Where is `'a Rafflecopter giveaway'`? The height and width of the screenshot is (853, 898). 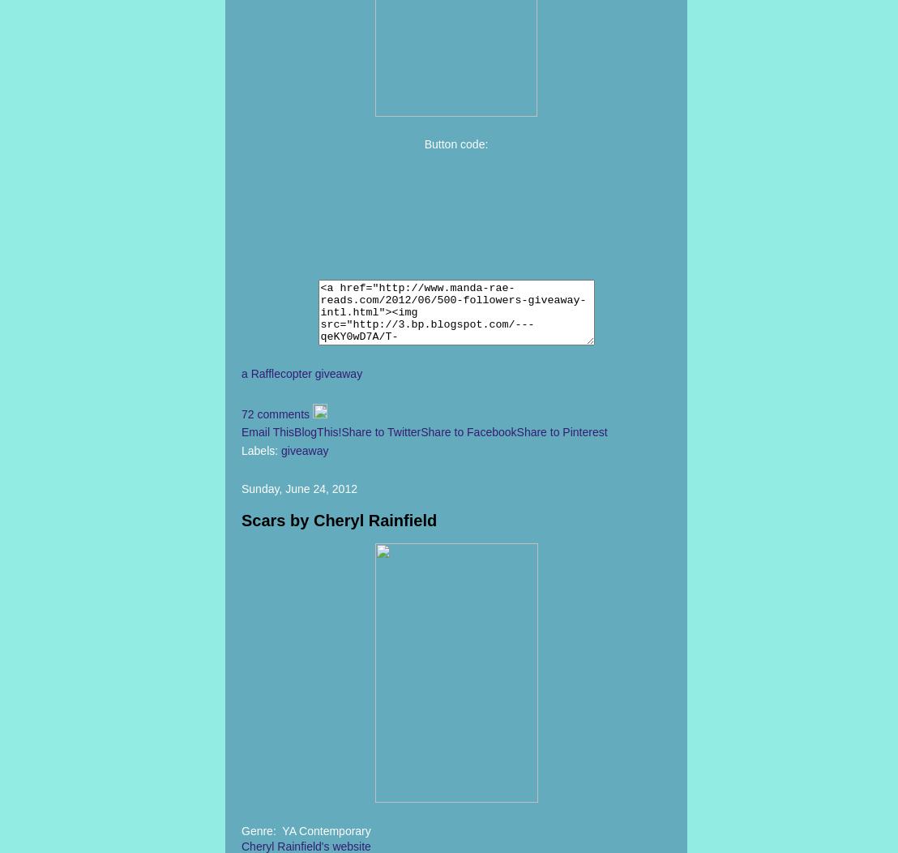 'a Rafflecopter giveaway' is located at coordinates (301, 373).